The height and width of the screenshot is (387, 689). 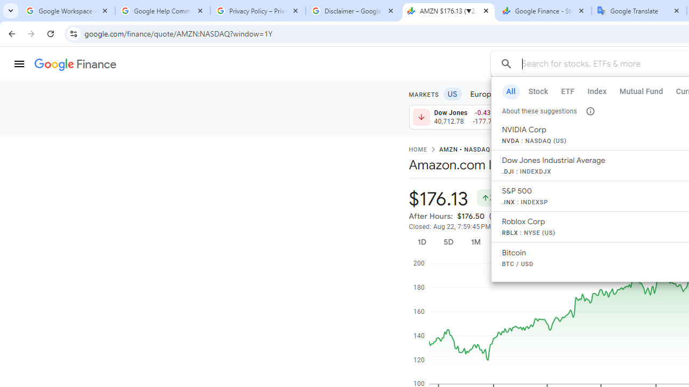 What do you see at coordinates (510, 91) in the screenshot?
I see `'All'` at bounding box center [510, 91].